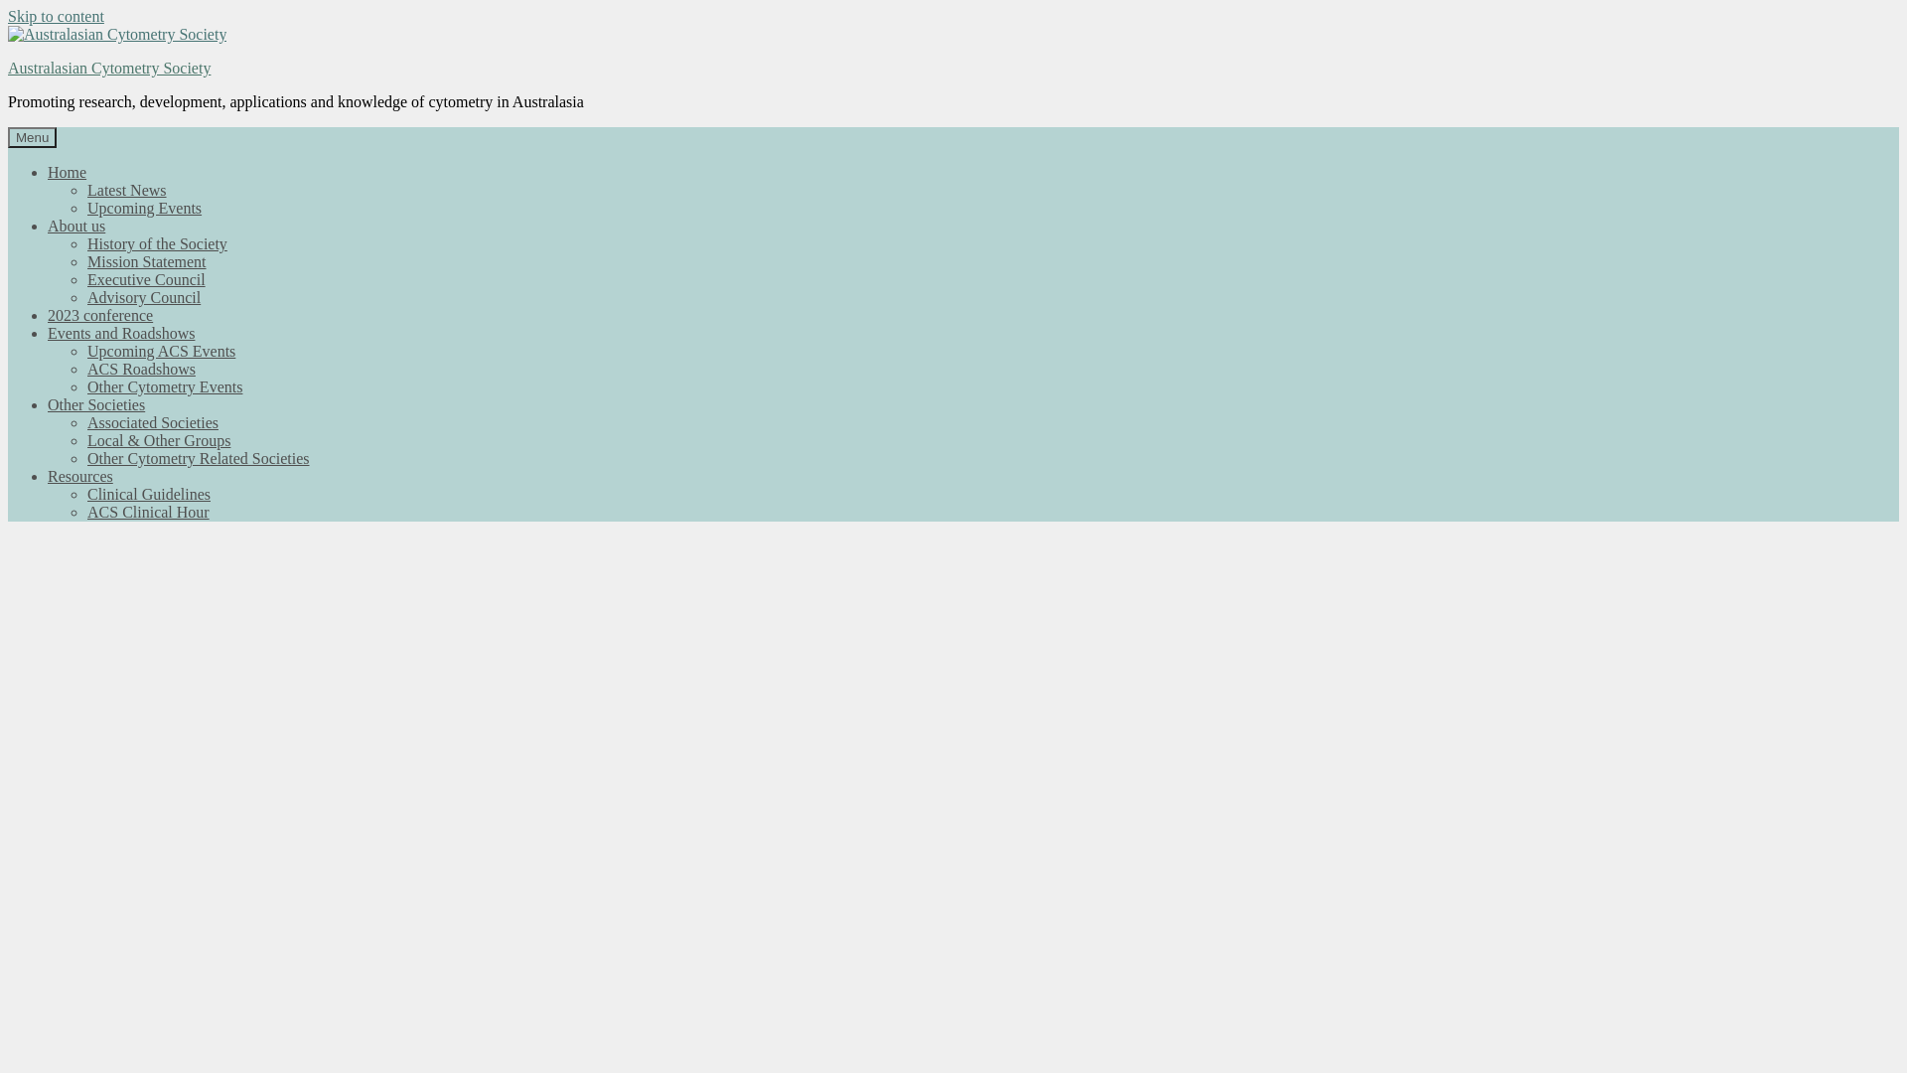  What do you see at coordinates (56, 16) in the screenshot?
I see `'Skip to content'` at bounding box center [56, 16].